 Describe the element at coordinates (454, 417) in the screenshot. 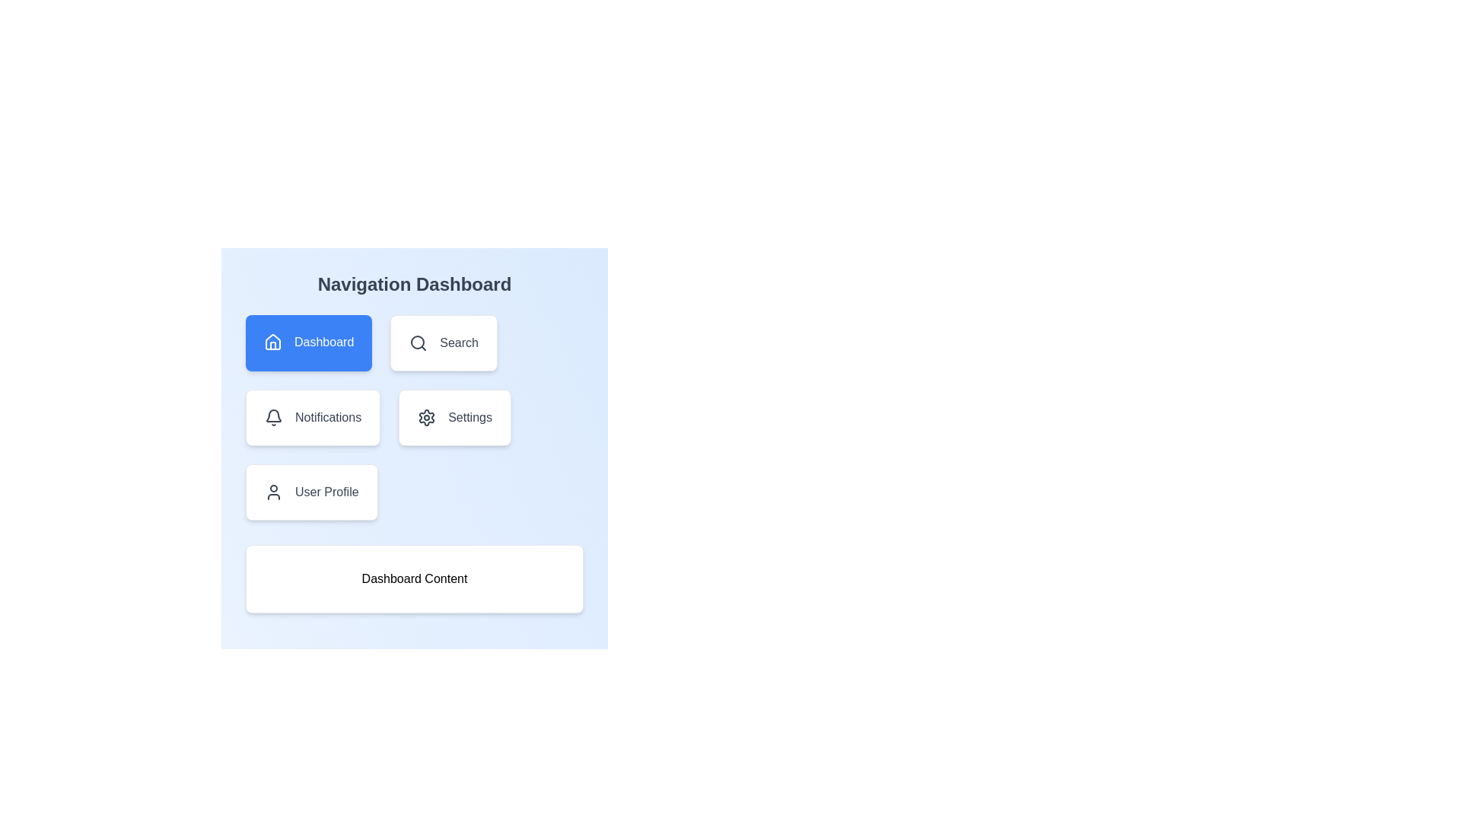

I see `the 'Settings' button, which is a rectangular button with a white background, gray border, and a gear icon on the left side` at that location.